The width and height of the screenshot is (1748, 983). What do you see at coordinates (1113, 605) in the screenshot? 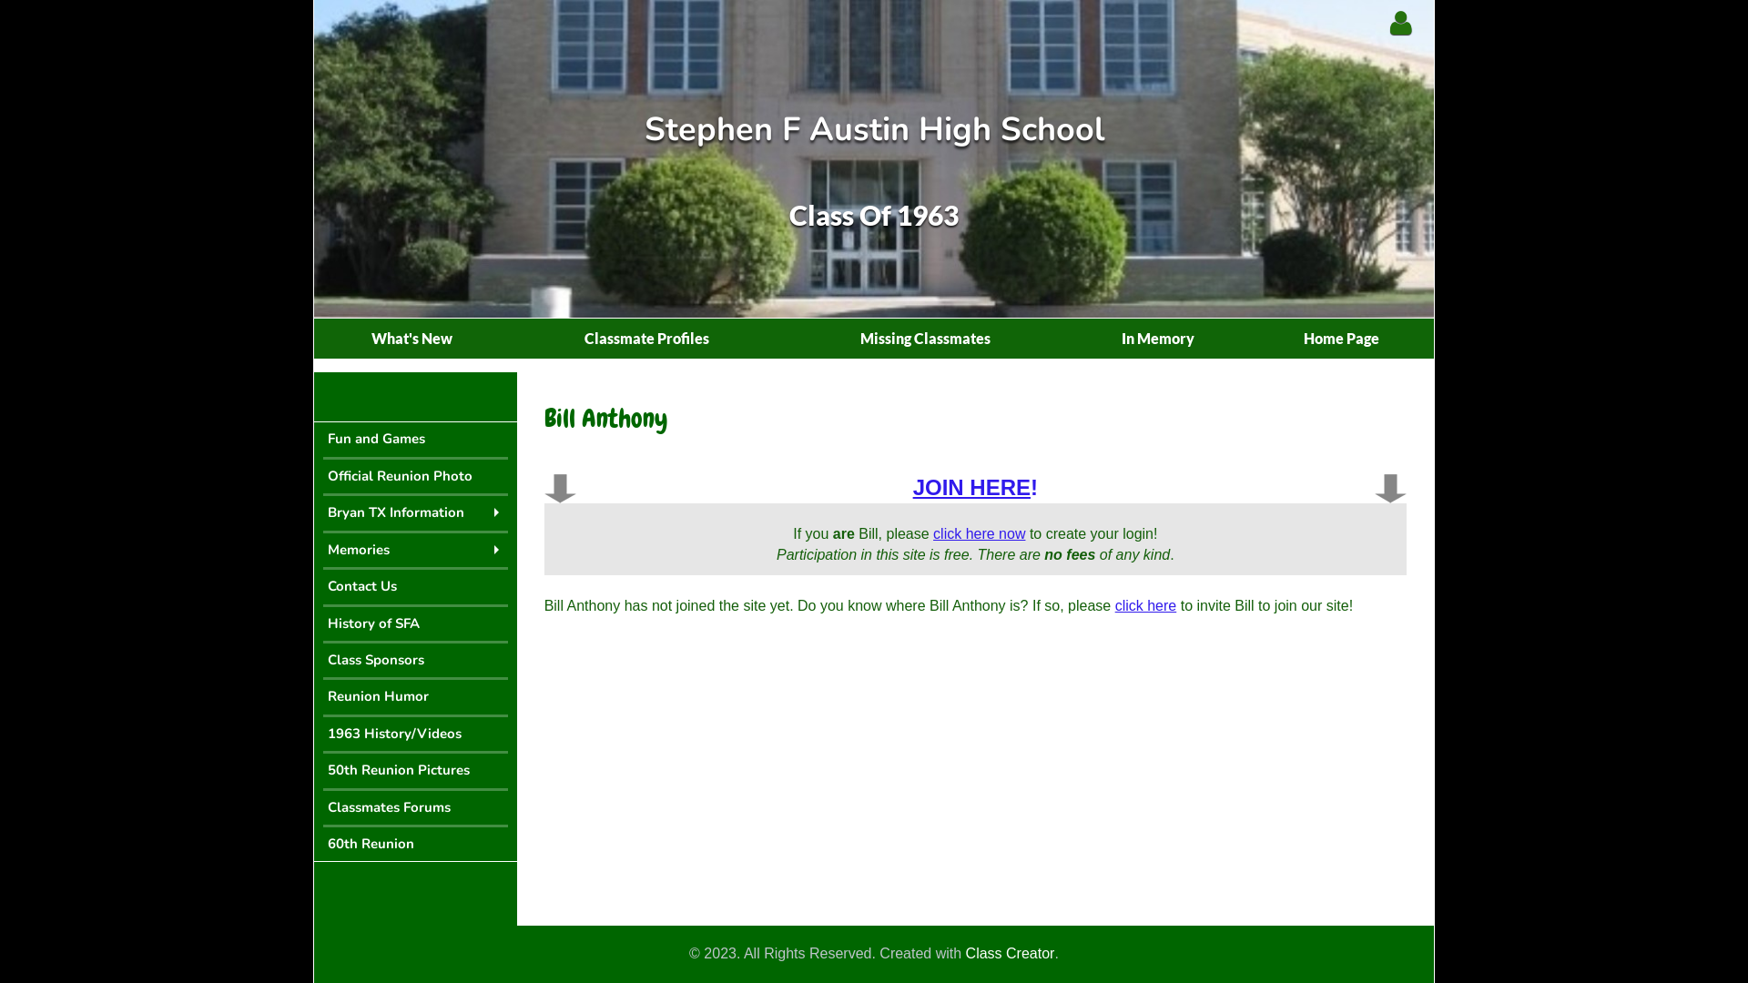
I see `'click here'` at bounding box center [1113, 605].